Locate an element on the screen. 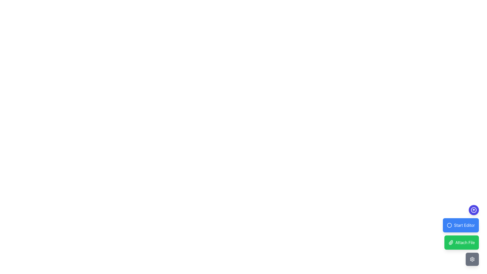 Image resolution: width=487 pixels, height=274 pixels. the topmost button in the floating group of buttons at the bottom-right corner of the interface is located at coordinates (473, 210).